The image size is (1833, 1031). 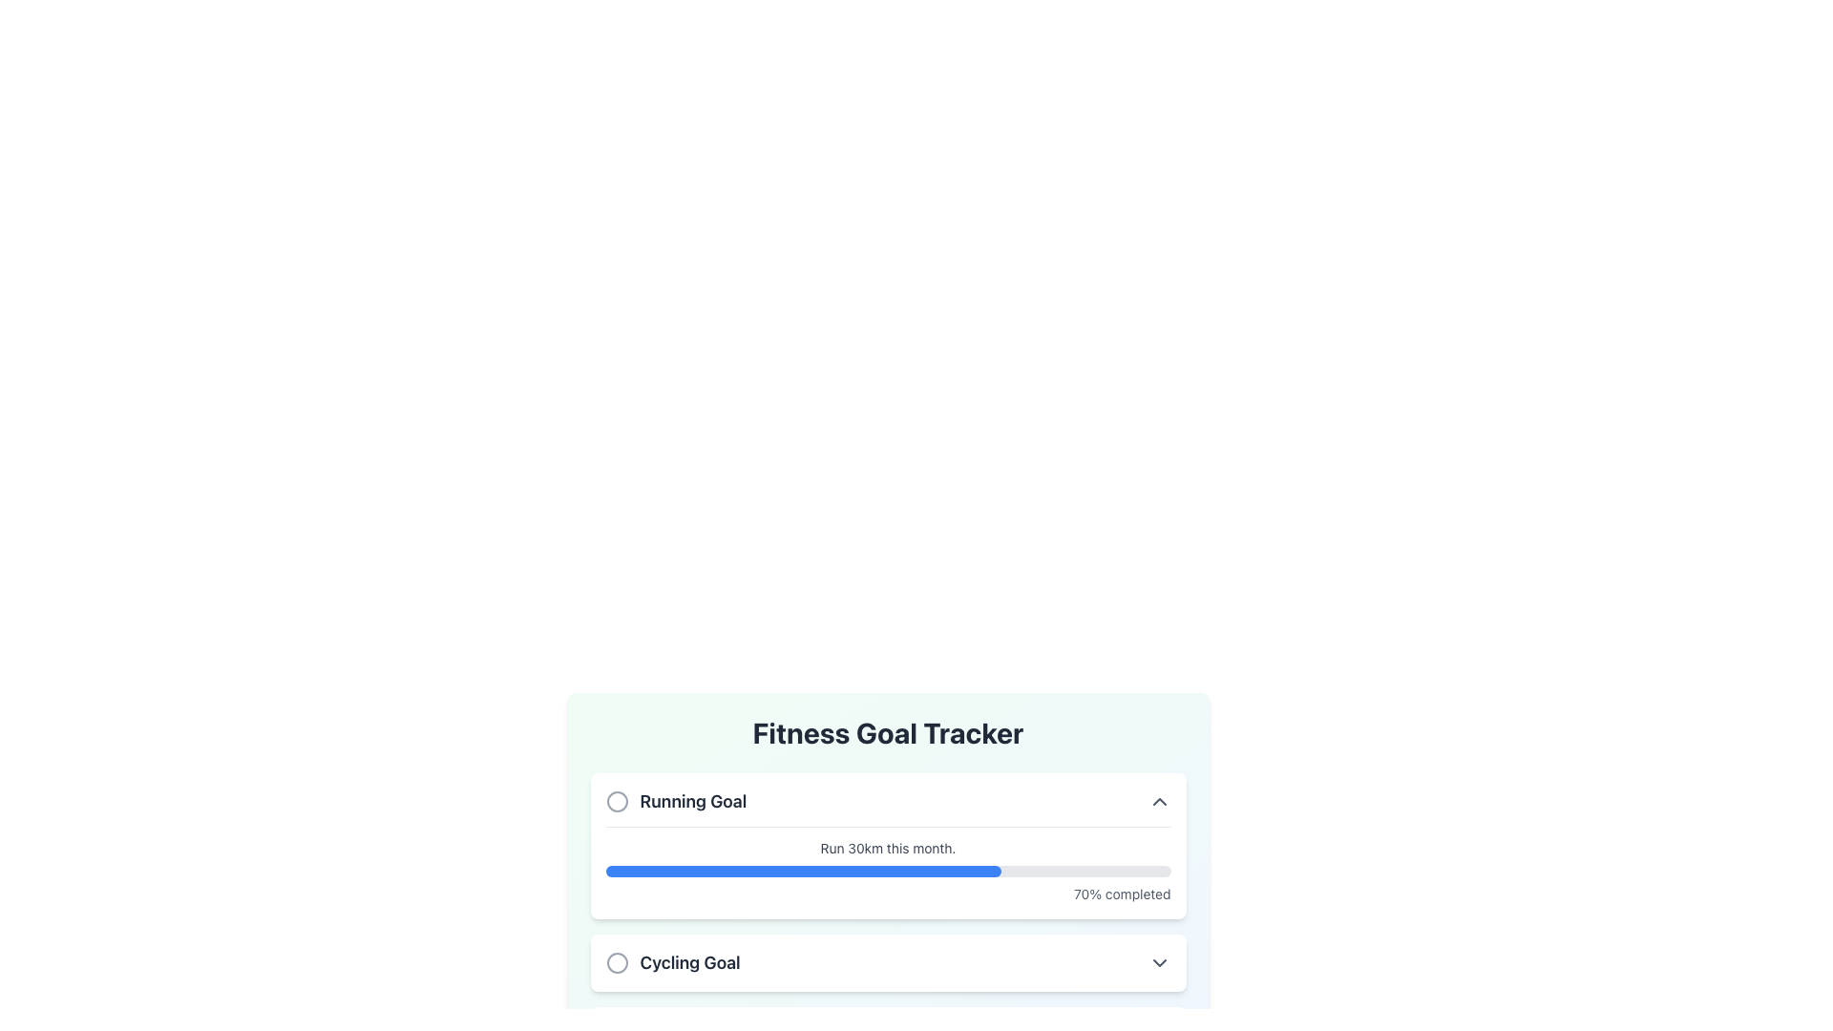 What do you see at coordinates (1158, 963) in the screenshot?
I see `the toggle button for the 'Cycling Goal' item` at bounding box center [1158, 963].